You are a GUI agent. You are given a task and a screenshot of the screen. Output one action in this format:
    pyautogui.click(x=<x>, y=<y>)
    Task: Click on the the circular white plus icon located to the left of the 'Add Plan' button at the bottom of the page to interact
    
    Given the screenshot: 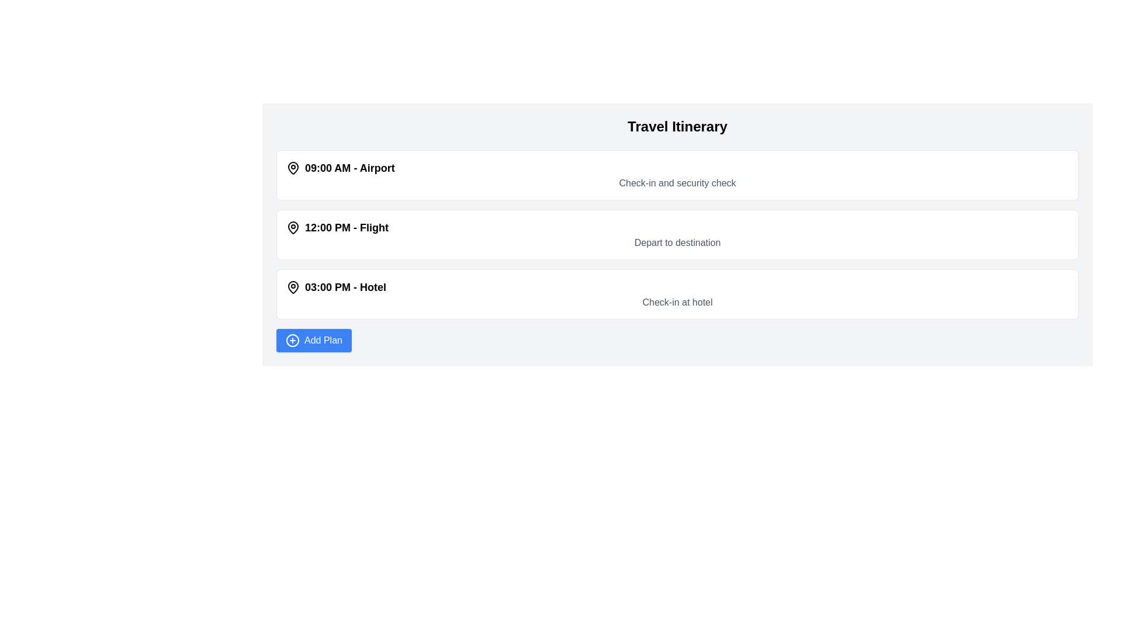 What is the action you would take?
    pyautogui.click(x=292, y=340)
    